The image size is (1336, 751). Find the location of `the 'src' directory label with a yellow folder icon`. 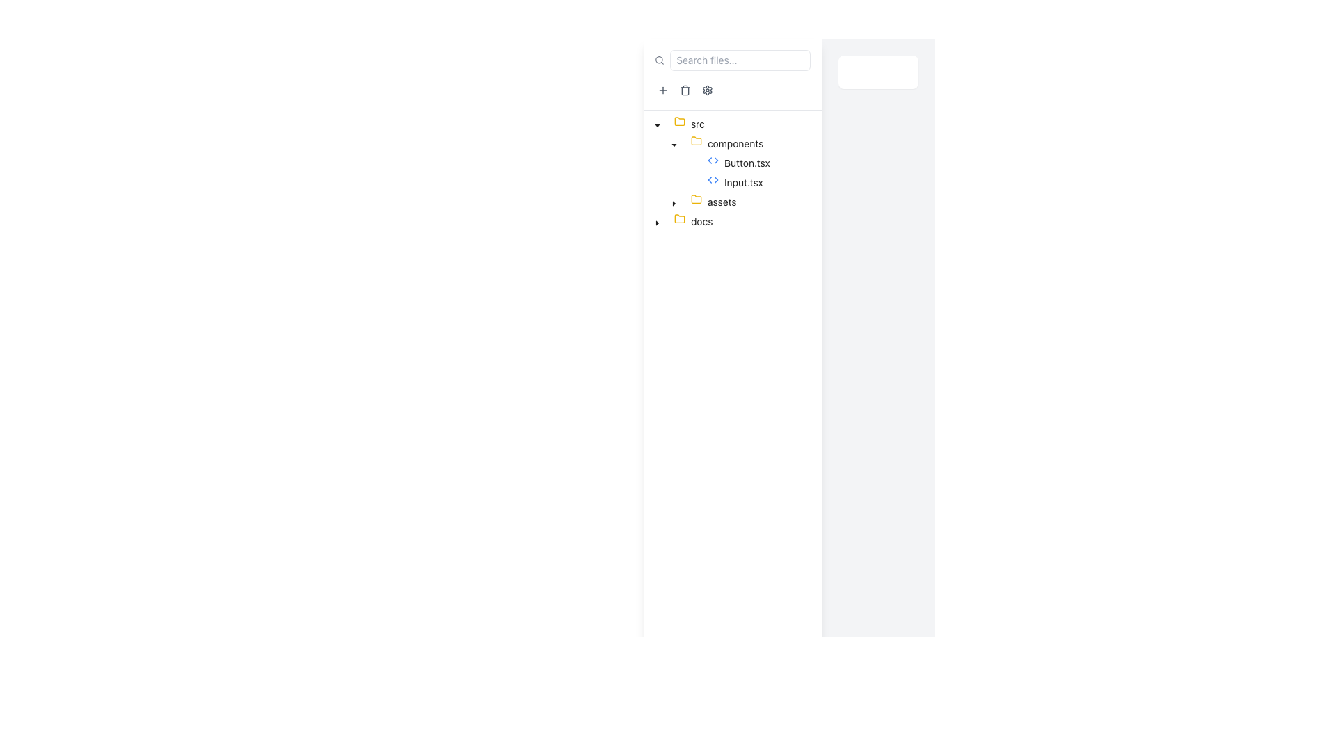

the 'src' directory label with a yellow folder icon is located at coordinates (689, 123).